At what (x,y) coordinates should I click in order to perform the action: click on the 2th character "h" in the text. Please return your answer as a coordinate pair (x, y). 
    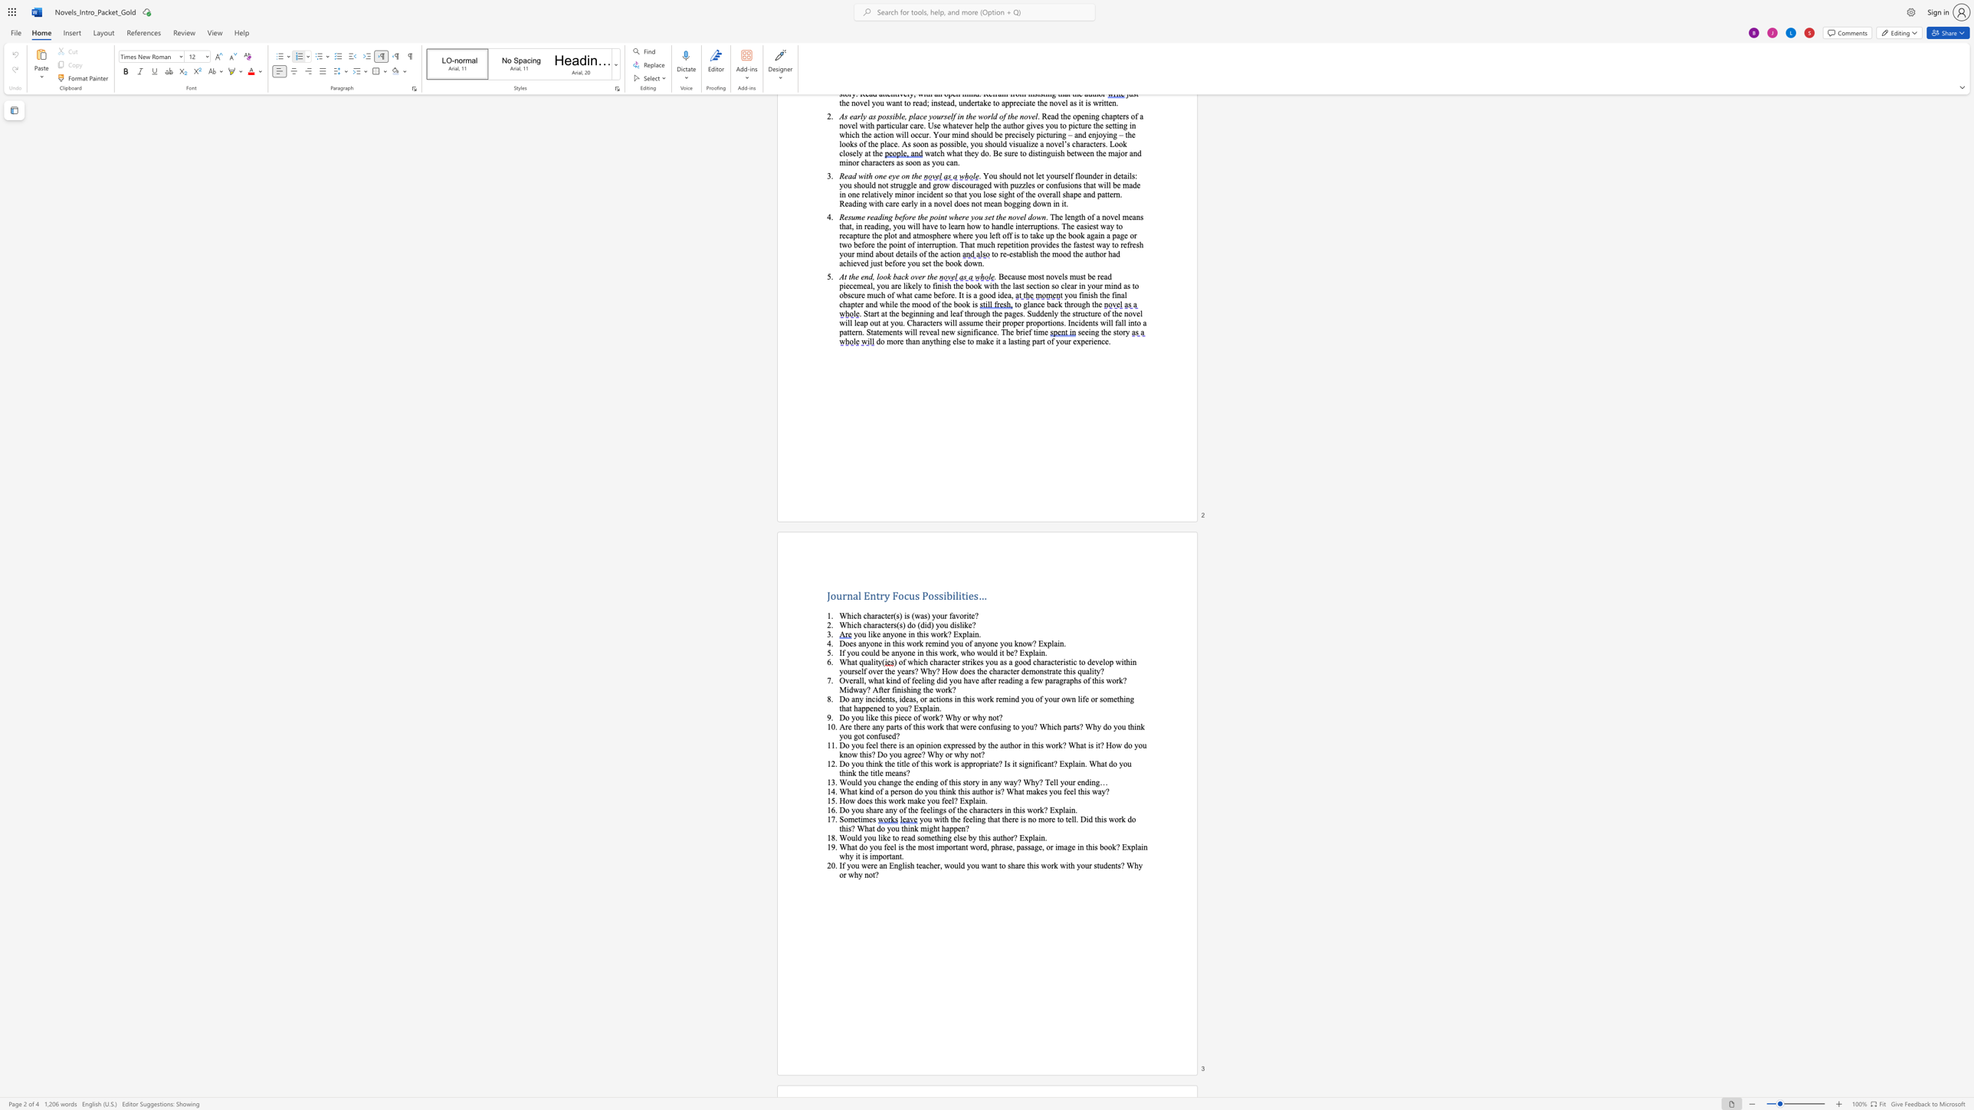
    Looking at the image, I should click on (913, 810).